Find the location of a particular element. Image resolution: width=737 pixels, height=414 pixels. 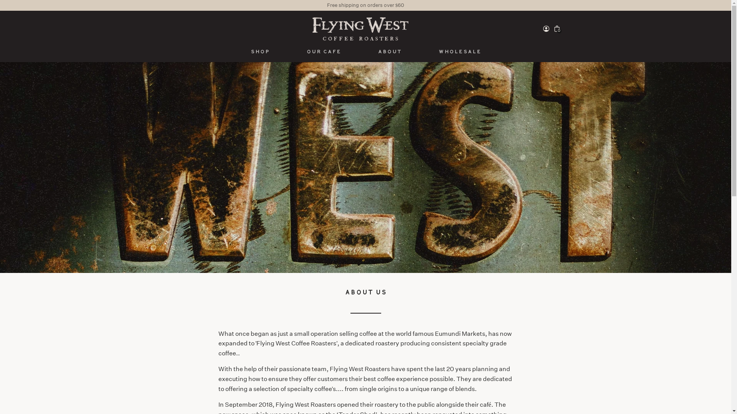

'About' is located at coordinates (389, 52).